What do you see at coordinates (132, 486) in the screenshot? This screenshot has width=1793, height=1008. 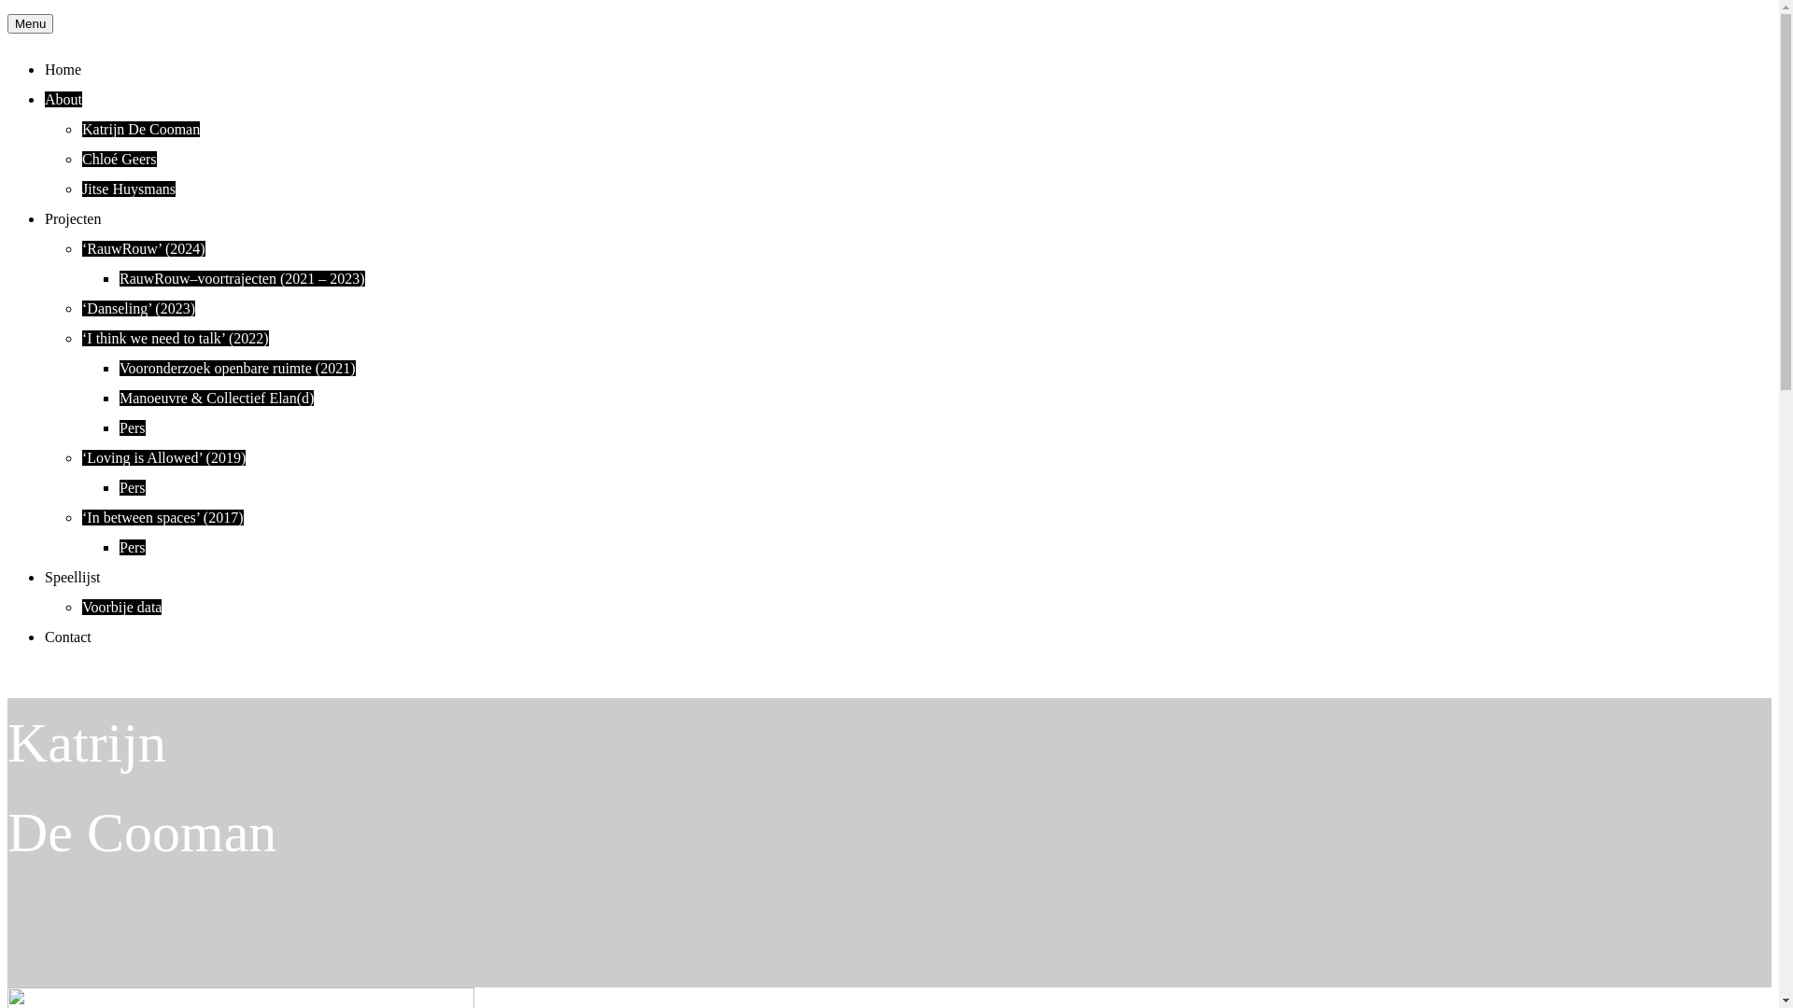 I see `'Pers'` at bounding box center [132, 486].